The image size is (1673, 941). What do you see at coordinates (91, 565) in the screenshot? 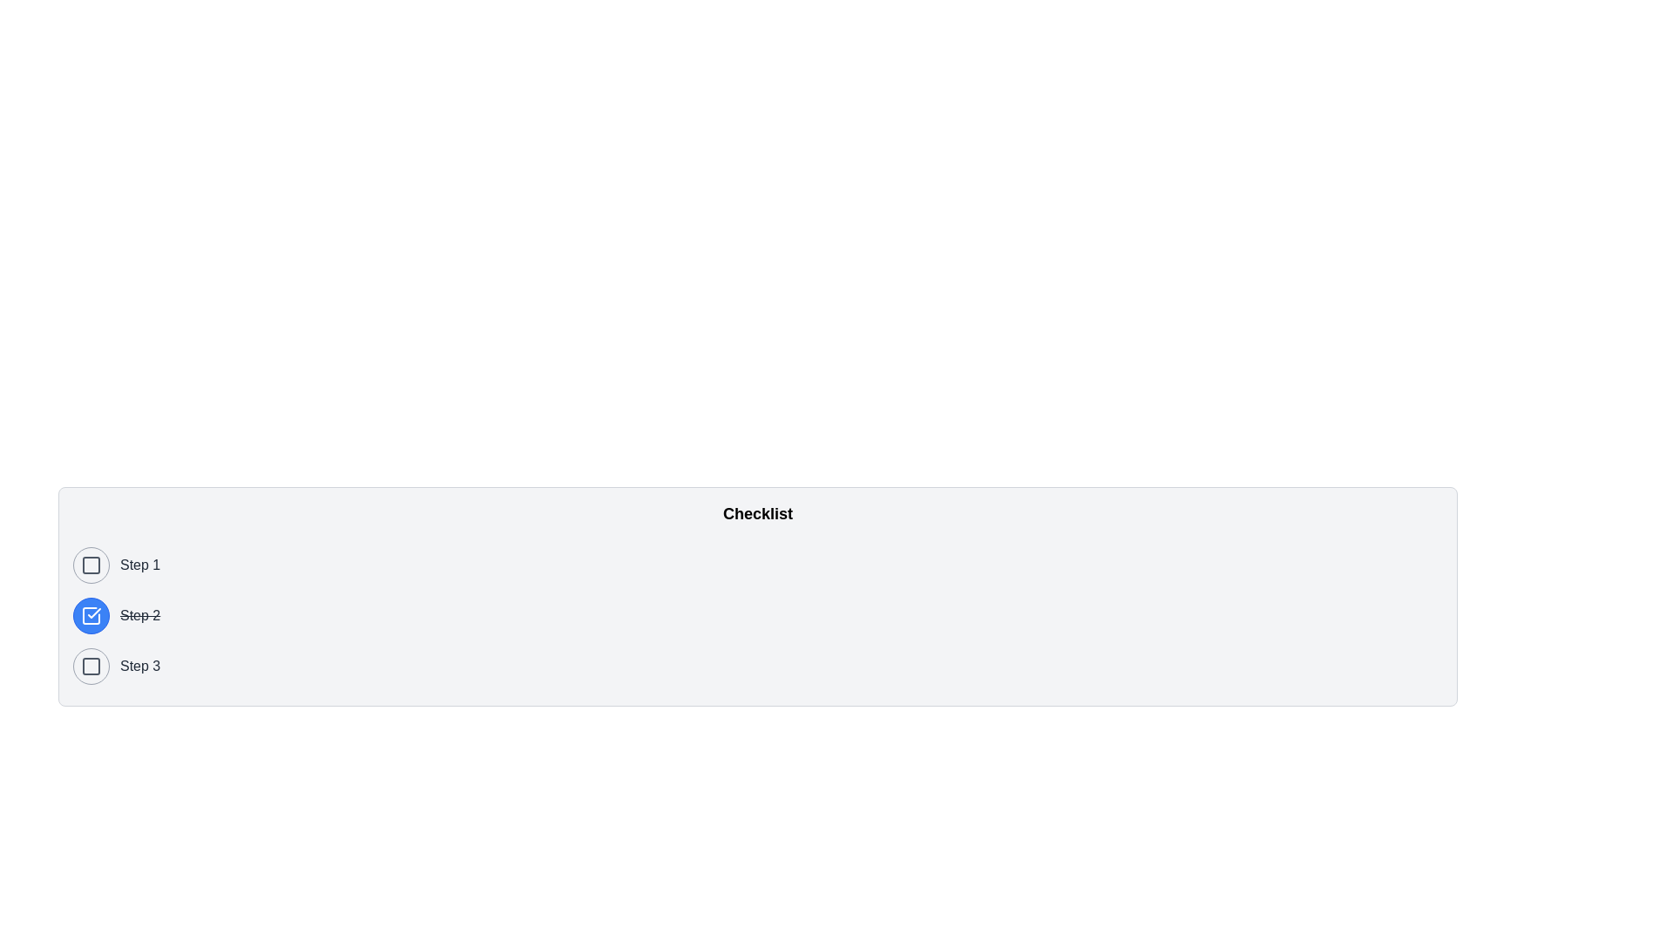
I see `the small circular button with a border and padding, located on the left side of the 'Step 1' row in the checklist section, to interact with it` at bounding box center [91, 565].